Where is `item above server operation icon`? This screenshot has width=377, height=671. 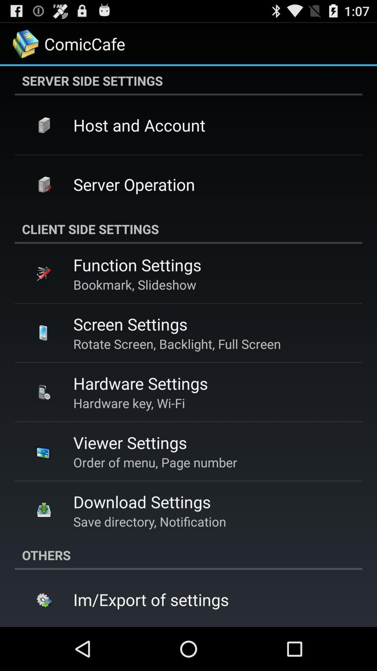
item above server operation icon is located at coordinates (139, 125).